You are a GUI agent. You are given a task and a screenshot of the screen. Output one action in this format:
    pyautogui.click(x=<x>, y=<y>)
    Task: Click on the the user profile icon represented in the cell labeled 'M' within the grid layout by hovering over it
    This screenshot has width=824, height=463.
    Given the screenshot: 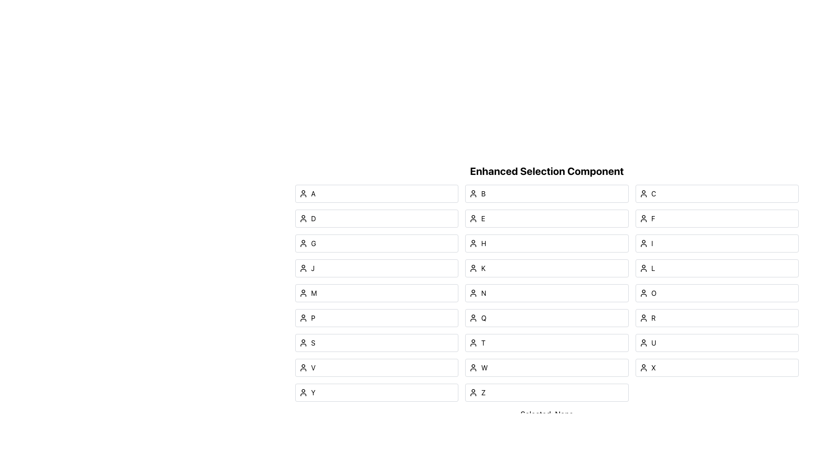 What is the action you would take?
    pyautogui.click(x=303, y=292)
    